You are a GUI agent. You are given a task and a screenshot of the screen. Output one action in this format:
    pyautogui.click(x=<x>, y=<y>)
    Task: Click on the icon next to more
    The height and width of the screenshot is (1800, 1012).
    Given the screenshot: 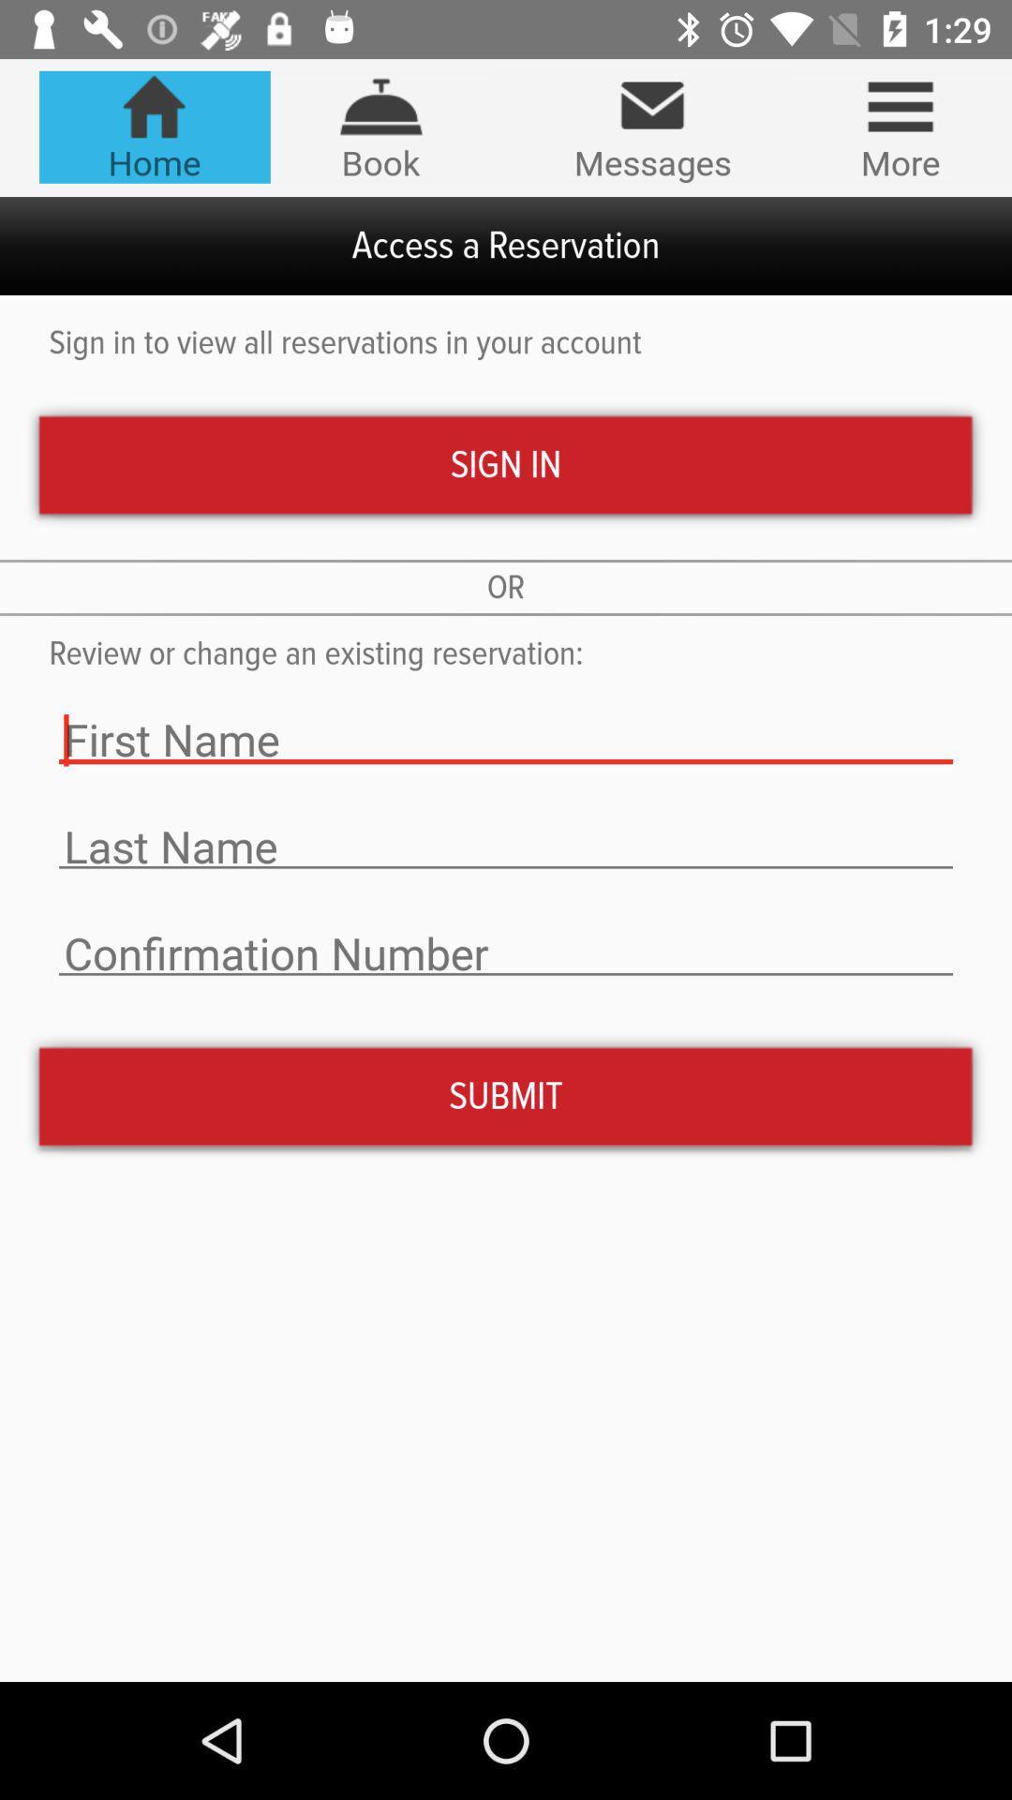 What is the action you would take?
    pyautogui.click(x=651, y=127)
    